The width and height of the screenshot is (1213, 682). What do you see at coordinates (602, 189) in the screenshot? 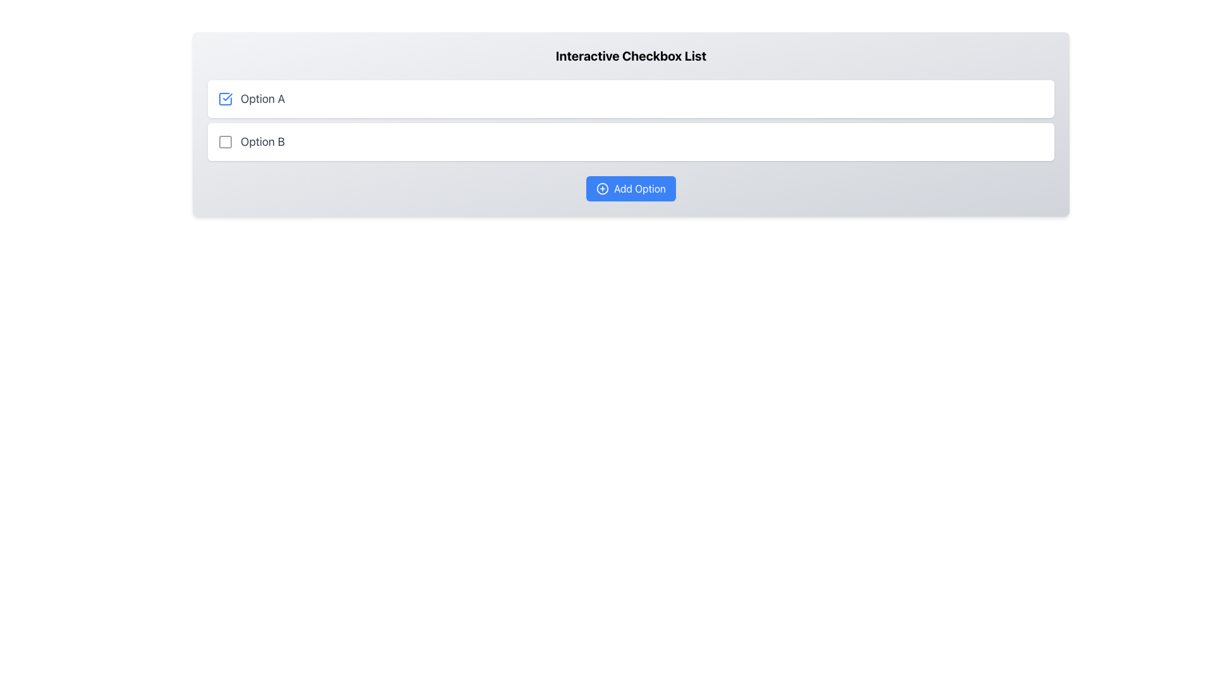
I see `the SVG Circle that visually indicates an action related to adding options, which is centrally located in the graphical icon above the 'Add Option' button` at bounding box center [602, 189].